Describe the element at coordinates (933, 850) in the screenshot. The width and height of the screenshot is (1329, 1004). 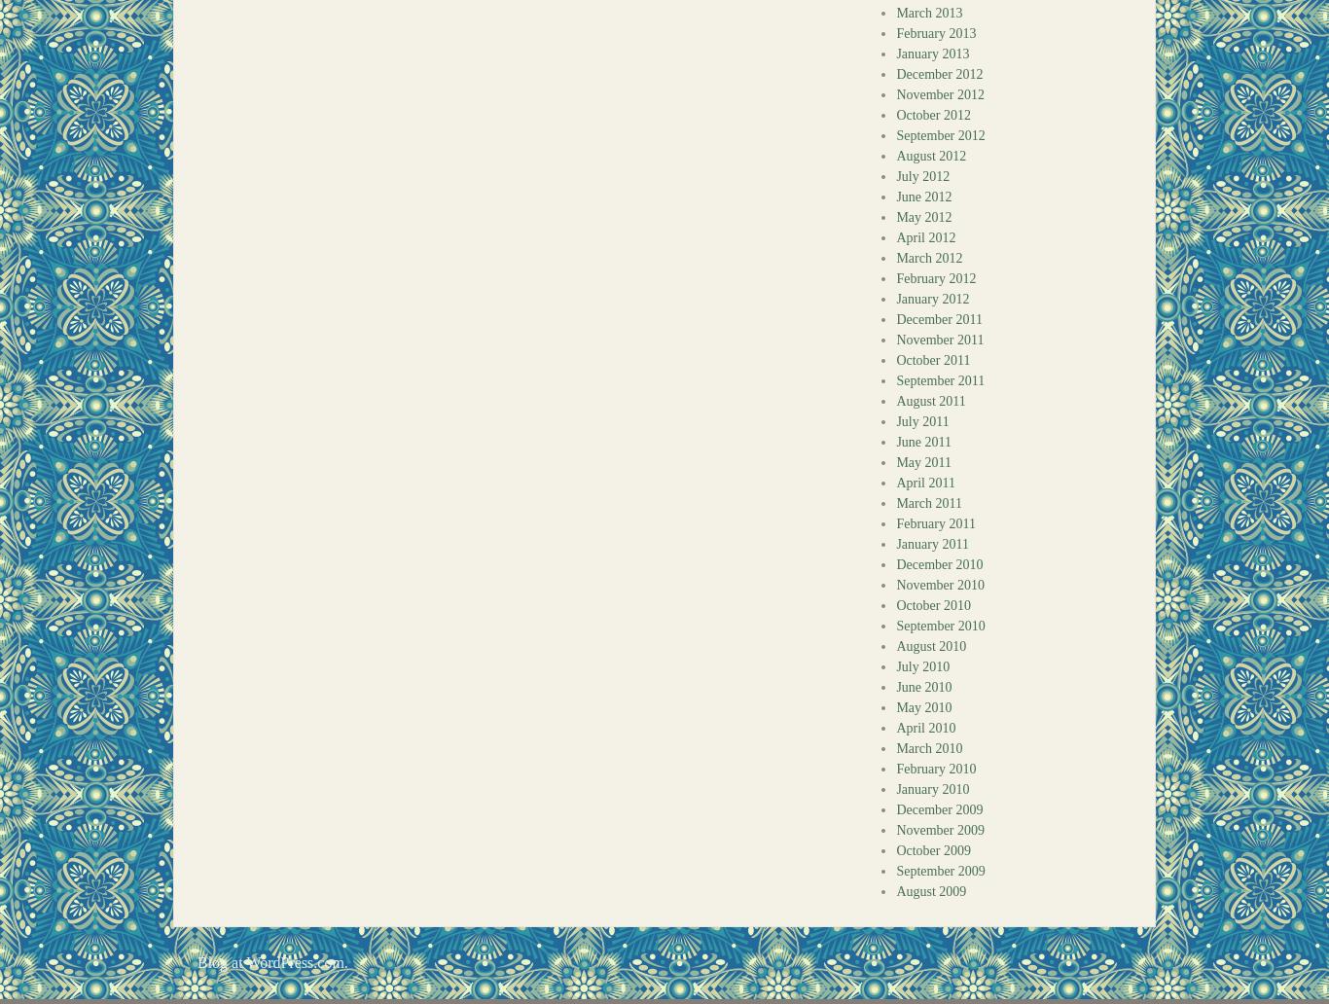
I see `'October 2009'` at that location.